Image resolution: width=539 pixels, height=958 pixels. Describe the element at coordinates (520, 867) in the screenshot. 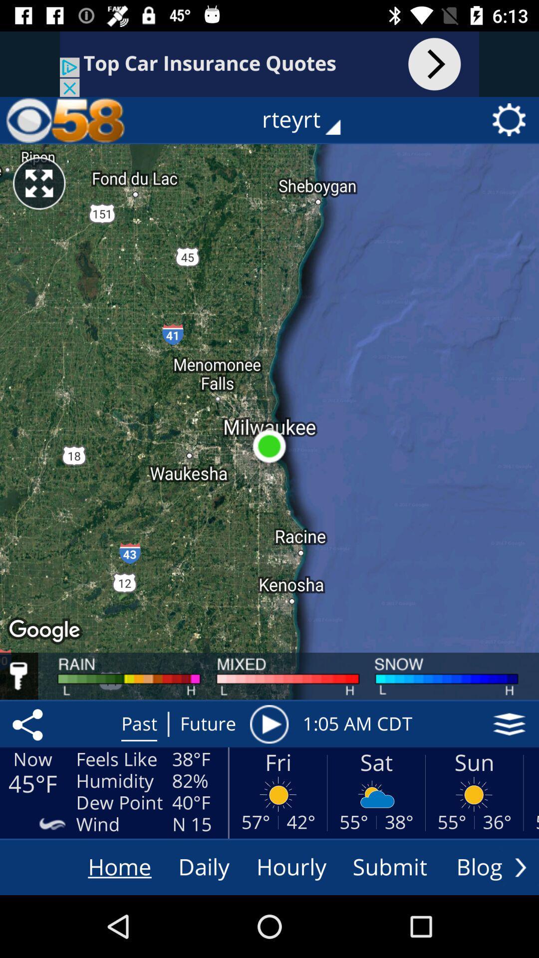

I see `next` at that location.